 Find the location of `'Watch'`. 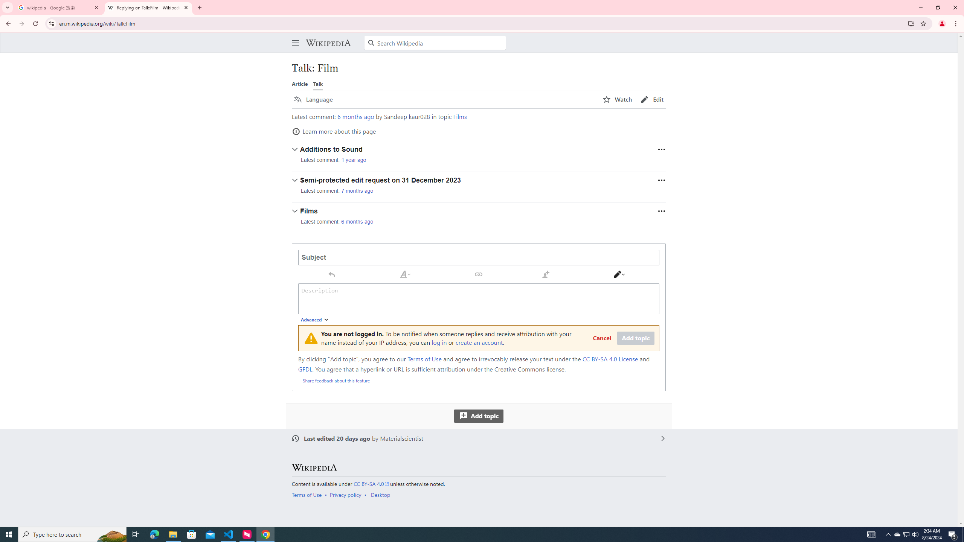

'Watch' is located at coordinates (617, 99).